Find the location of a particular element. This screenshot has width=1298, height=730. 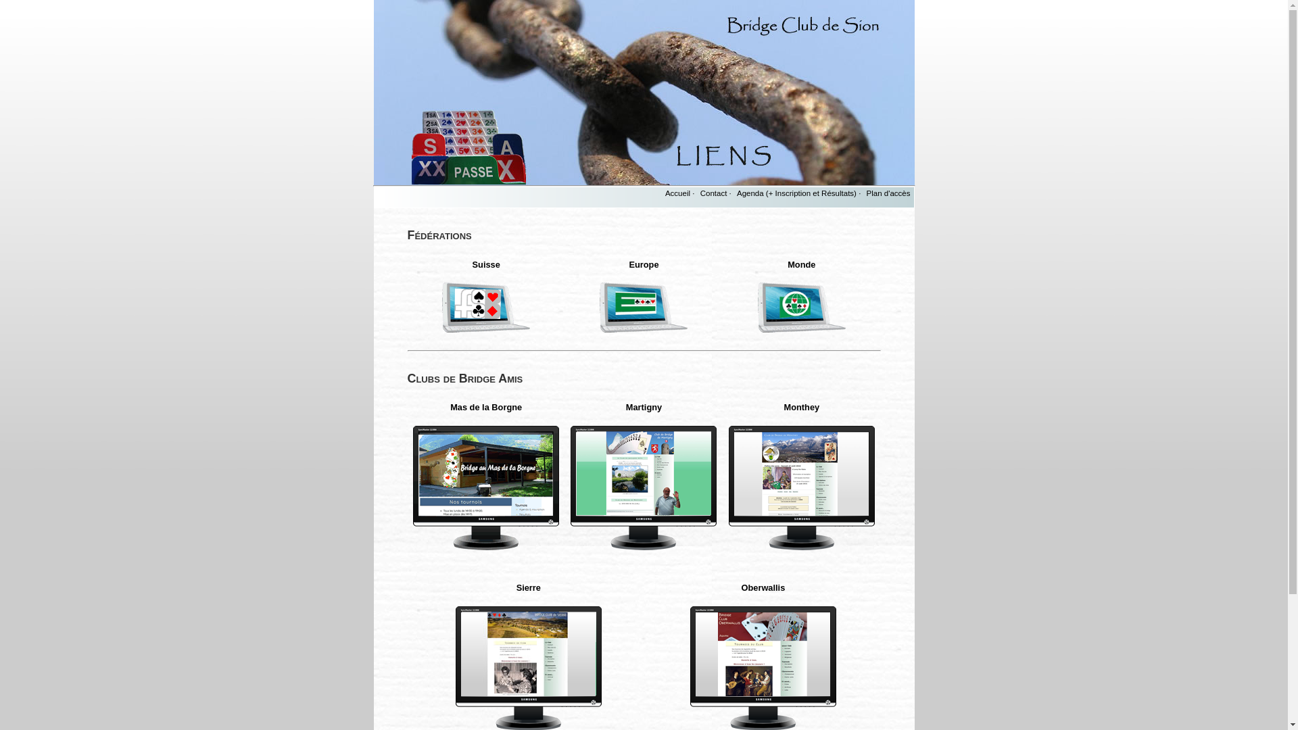

' World Bridge Federation ' is located at coordinates (801, 307).